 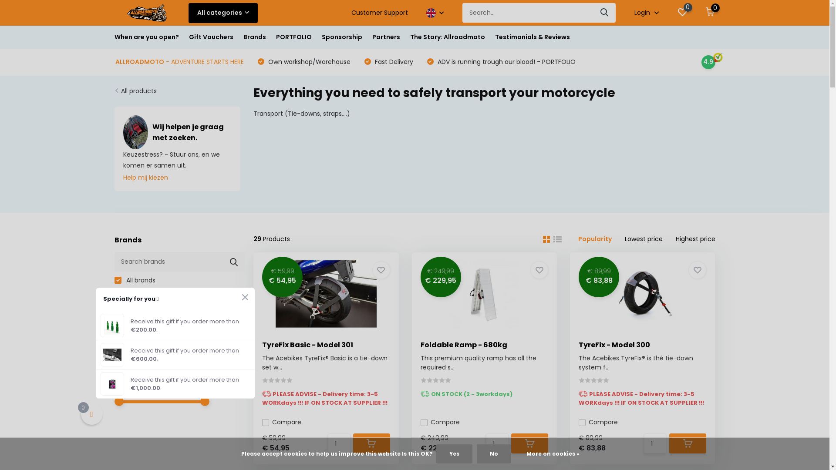 I want to click on 'Customer Support', so click(x=380, y=13).